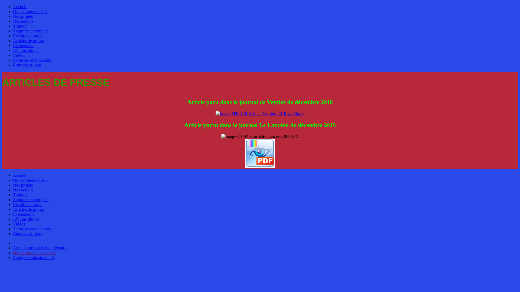 The height and width of the screenshot is (292, 520). What do you see at coordinates (30, 200) in the screenshot?
I see `'Rapports et comptes'` at bounding box center [30, 200].